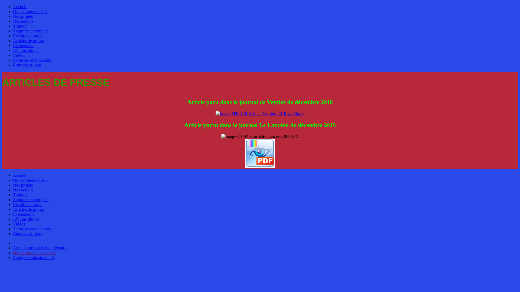 The height and width of the screenshot is (292, 520). What do you see at coordinates (30, 200) in the screenshot?
I see `'Rapports et comptes'` at bounding box center [30, 200].